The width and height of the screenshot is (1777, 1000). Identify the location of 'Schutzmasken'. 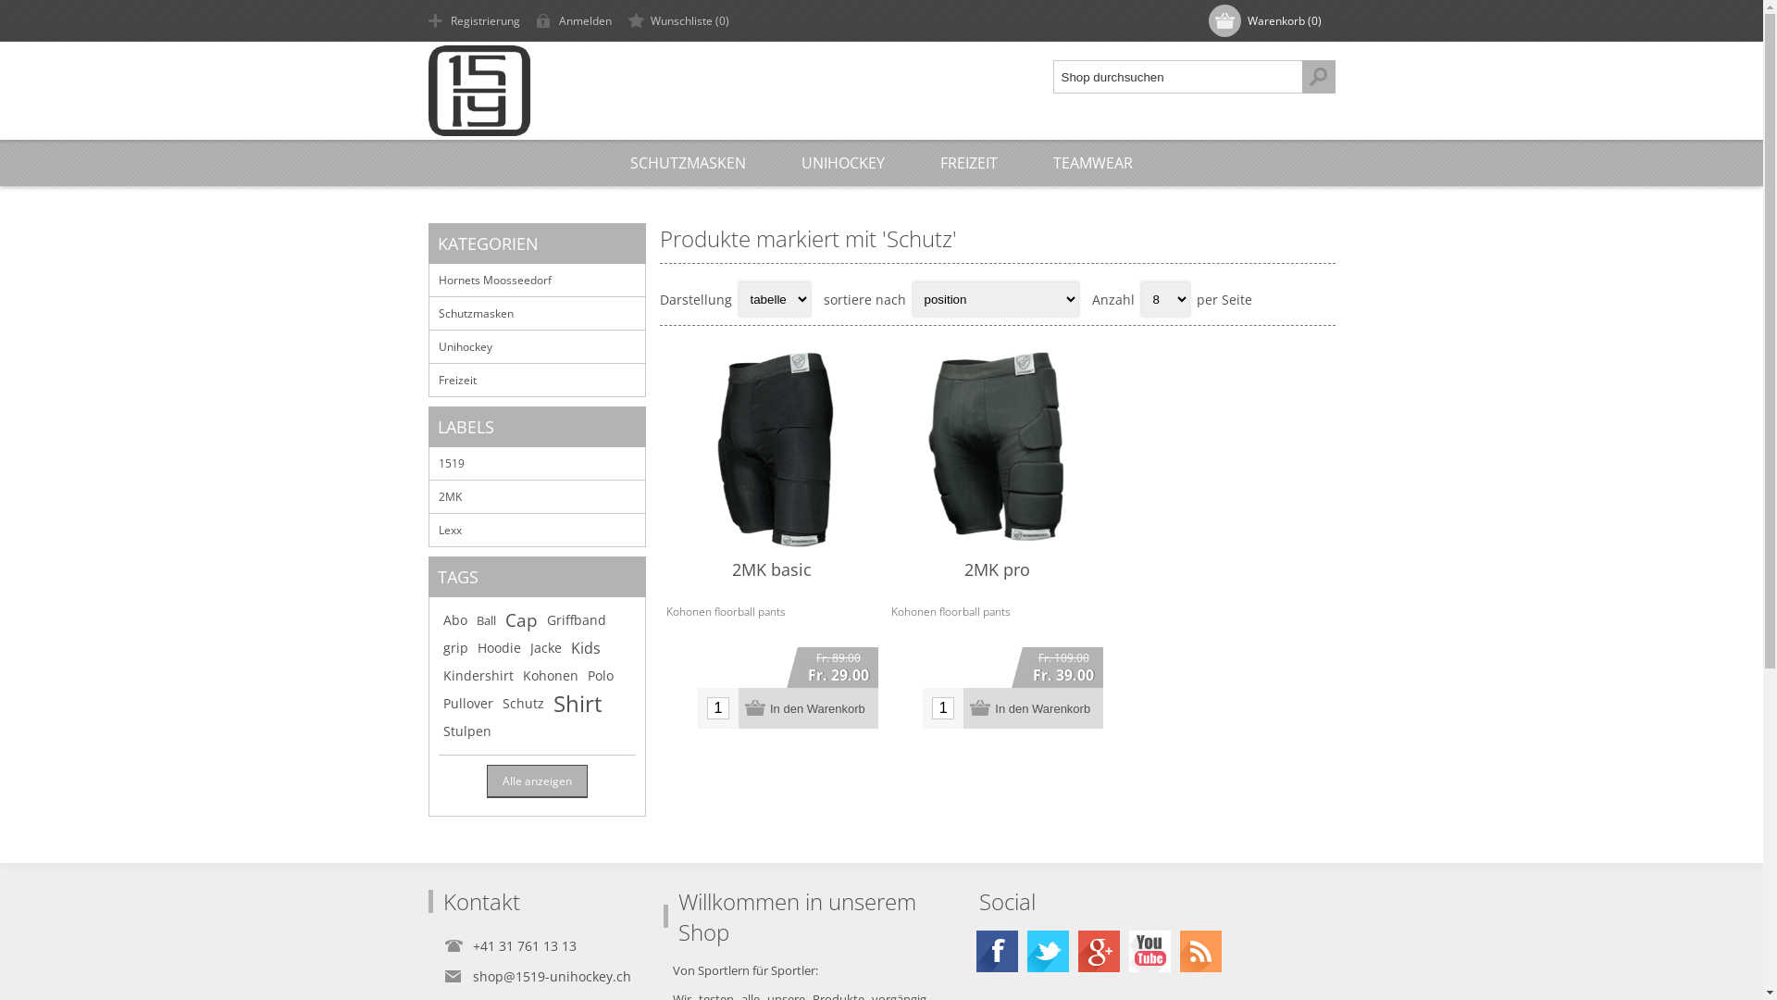
(536, 312).